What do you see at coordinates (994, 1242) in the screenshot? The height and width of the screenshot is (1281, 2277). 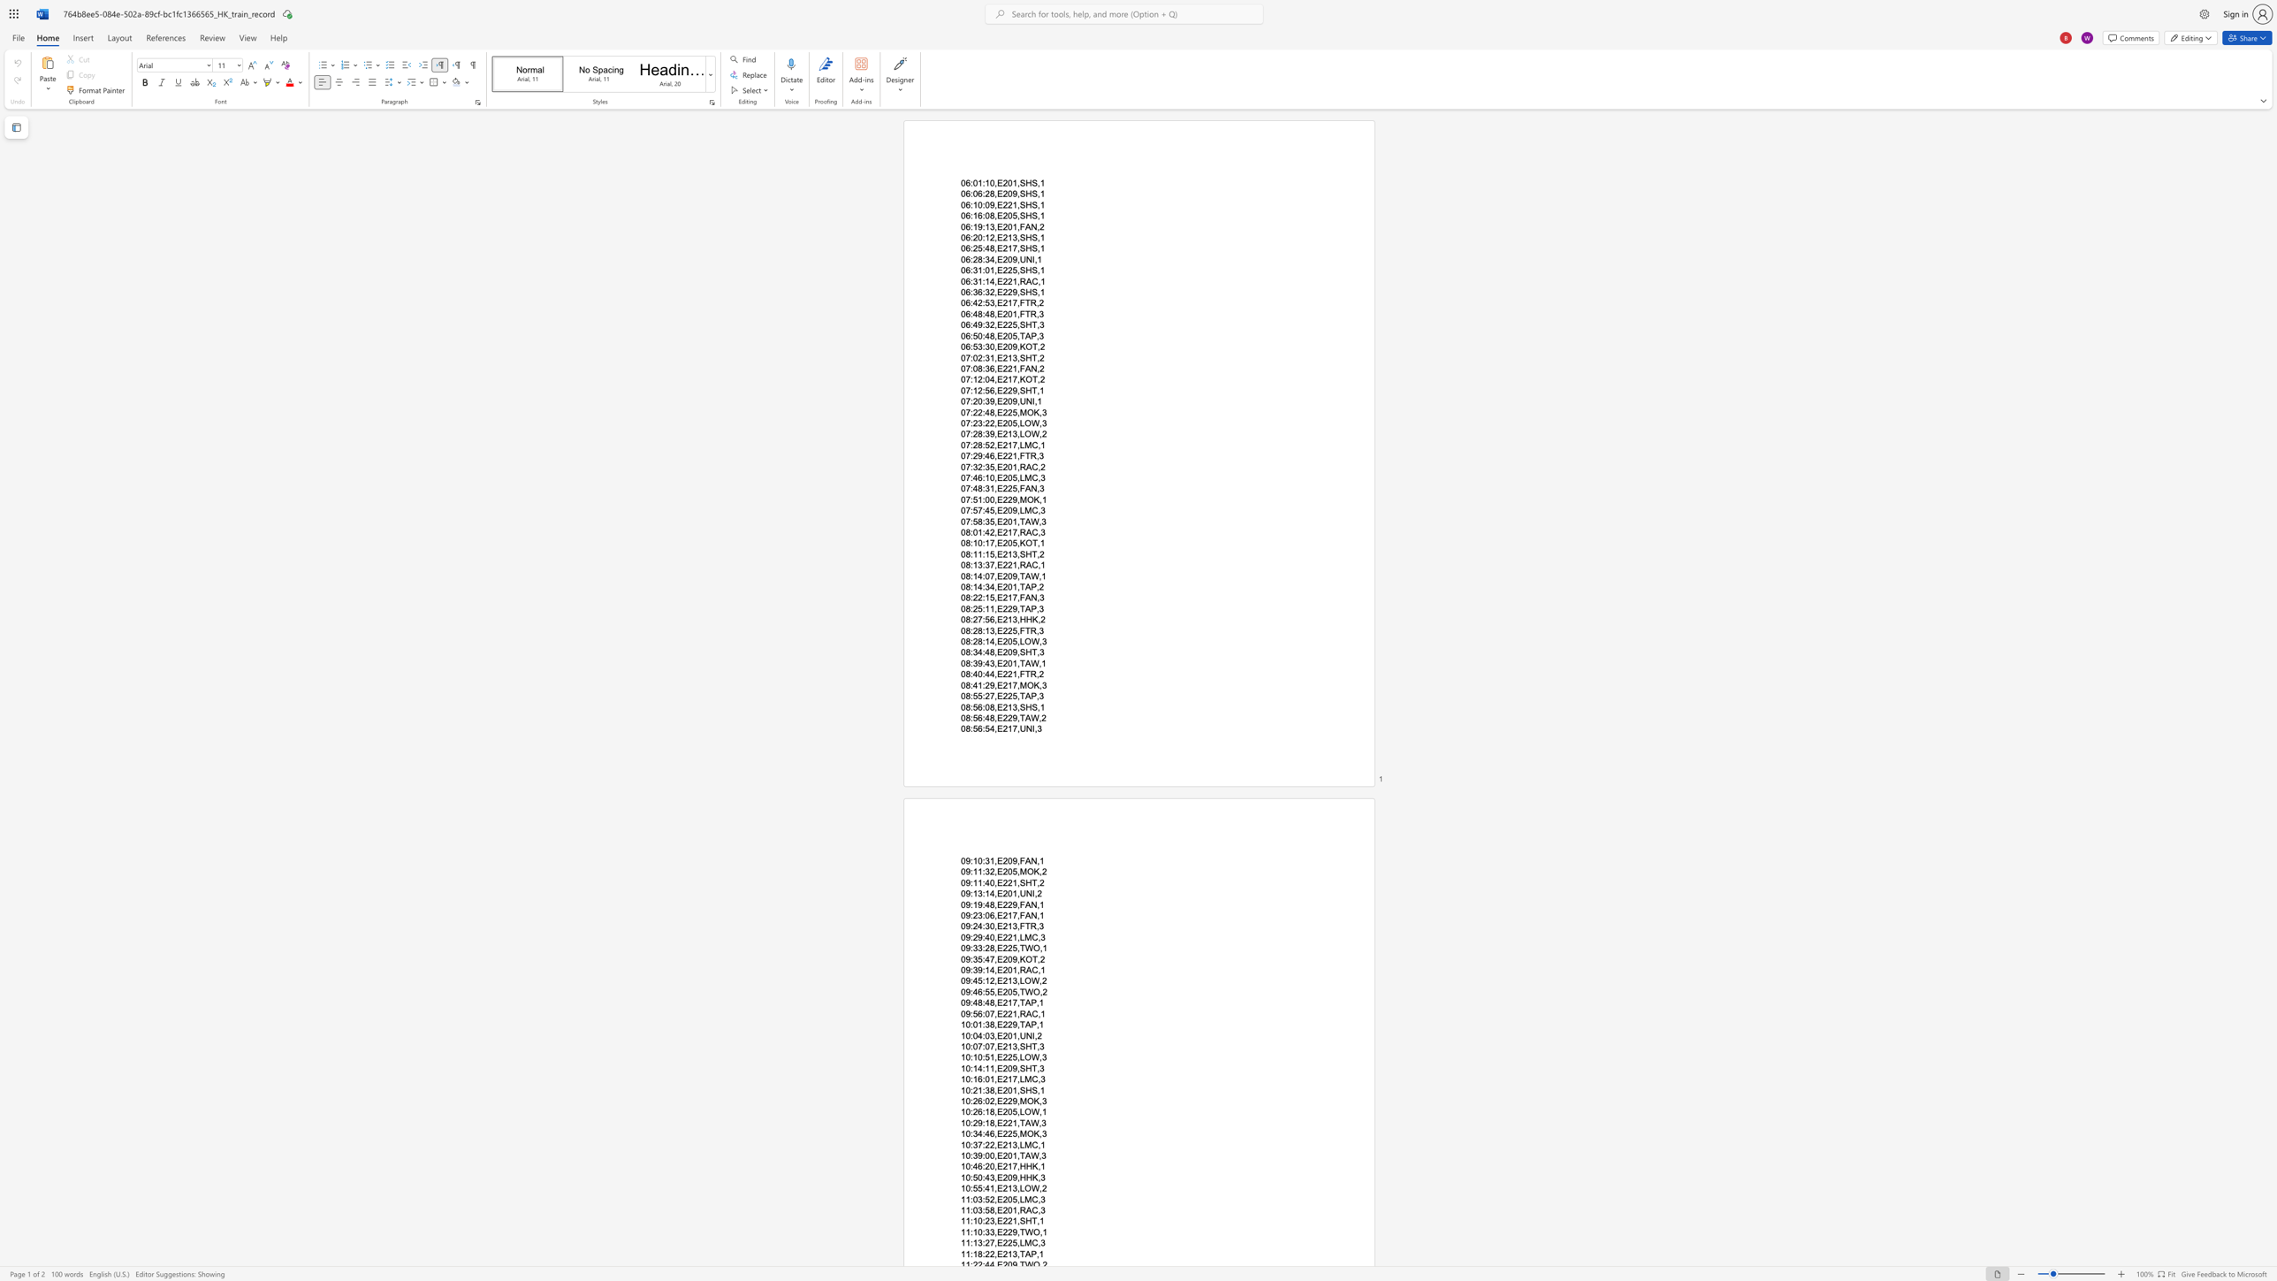 I see `the space between the continuous character "7" and "," in the text` at bounding box center [994, 1242].